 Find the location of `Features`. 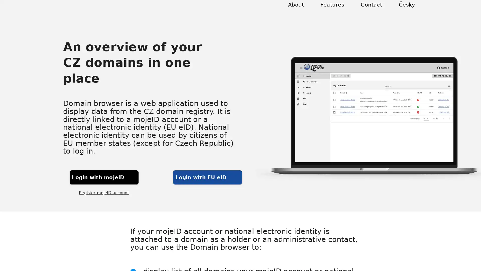

Features is located at coordinates (336, 11).